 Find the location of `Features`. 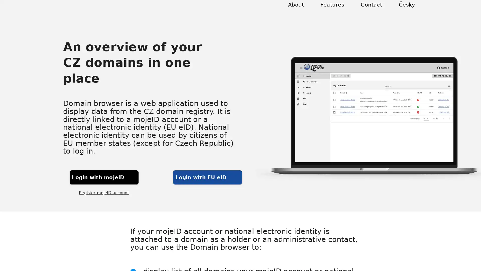

Features is located at coordinates (336, 11).